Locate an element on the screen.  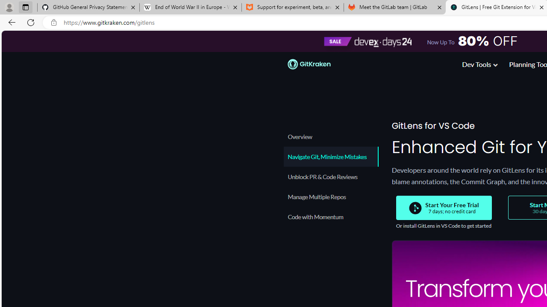
'Start Your Free Trial 7 days; no credit card' is located at coordinates (444, 208).